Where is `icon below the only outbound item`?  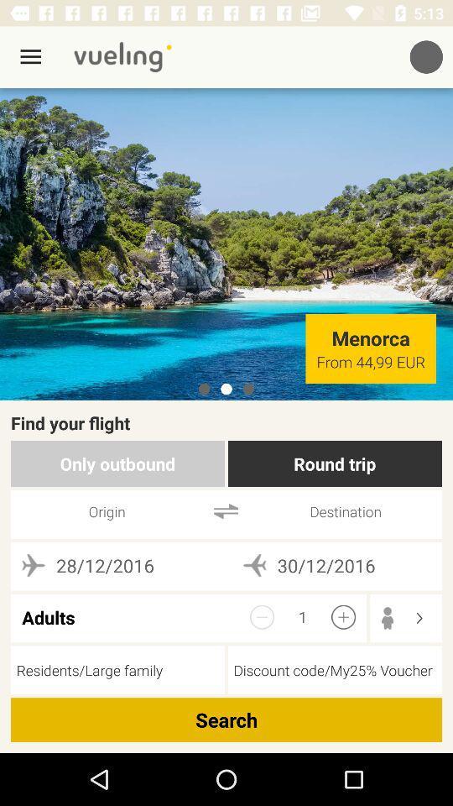 icon below the only outbound item is located at coordinates (226, 510).